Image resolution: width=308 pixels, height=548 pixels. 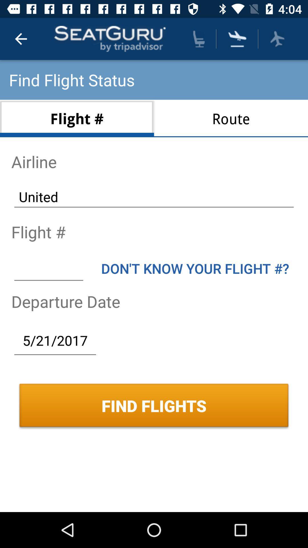 What do you see at coordinates (55, 340) in the screenshot?
I see `5/21/2017` at bounding box center [55, 340].